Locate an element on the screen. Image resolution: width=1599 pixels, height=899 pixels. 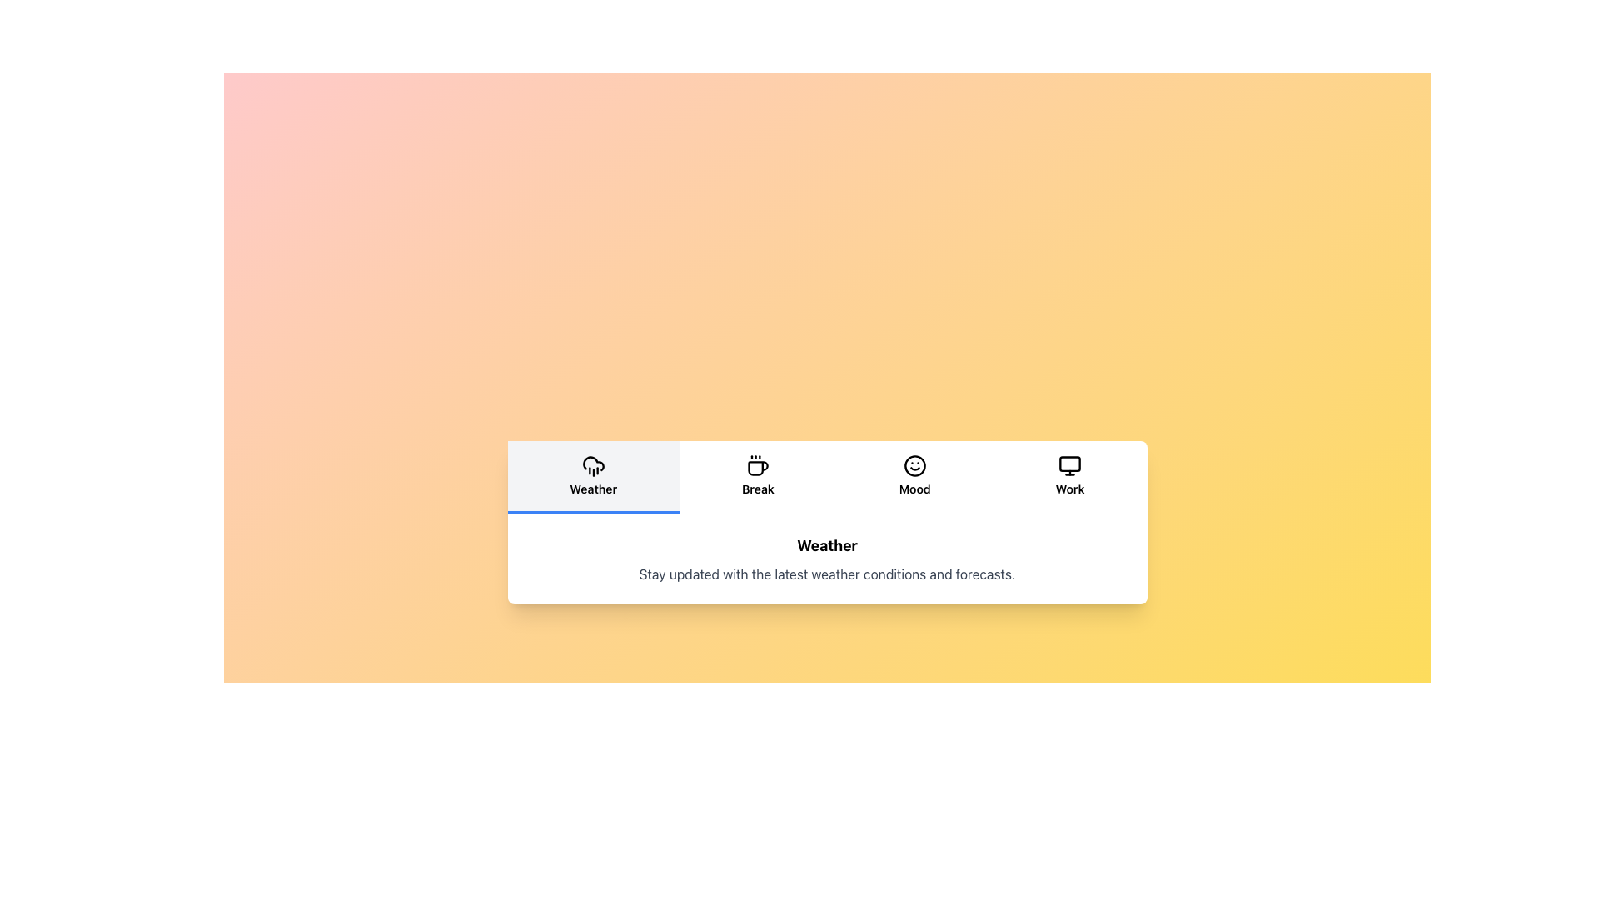
the weather icon located at the top center of the 'Weather' section in the horizontal menu, which serves as a visual indicator for weather-related information is located at coordinates (593, 465).